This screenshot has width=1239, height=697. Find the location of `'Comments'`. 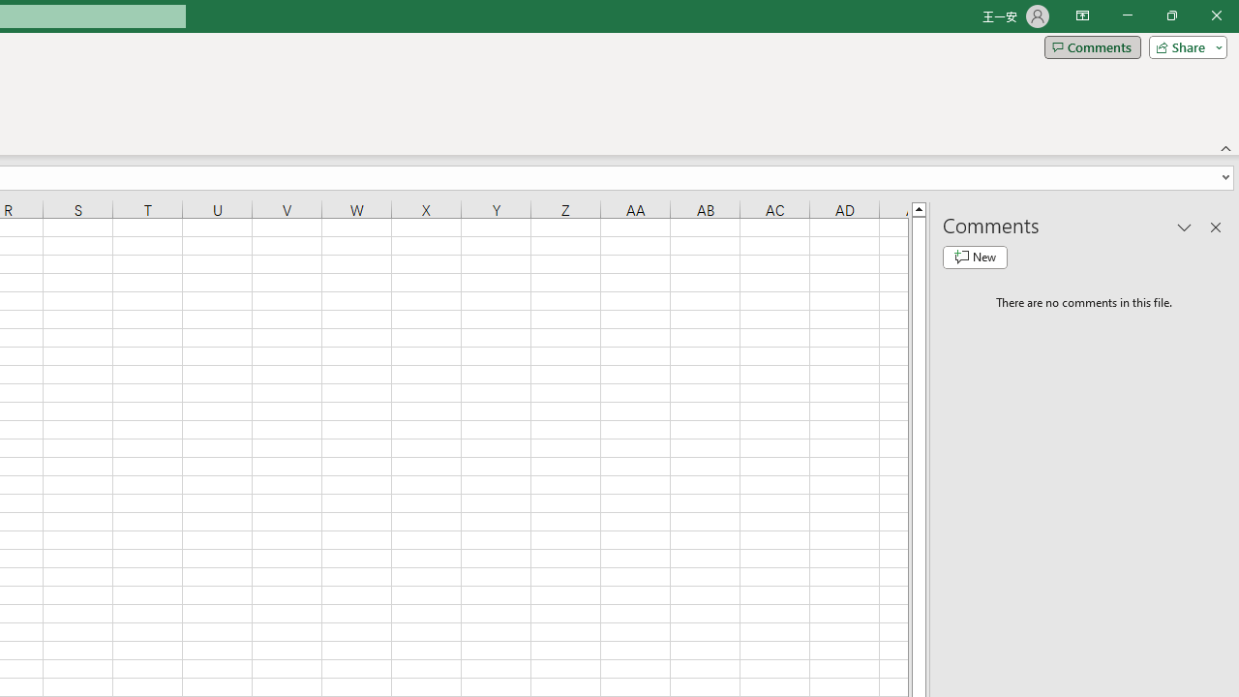

'Comments' is located at coordinates (1092, 45).